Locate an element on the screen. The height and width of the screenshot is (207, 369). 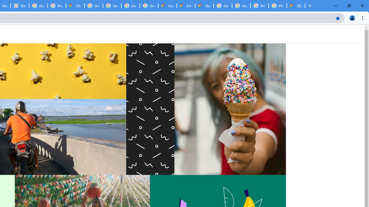
'Enhanced Support | Google Cloud' is located at coordinates (186, 6).